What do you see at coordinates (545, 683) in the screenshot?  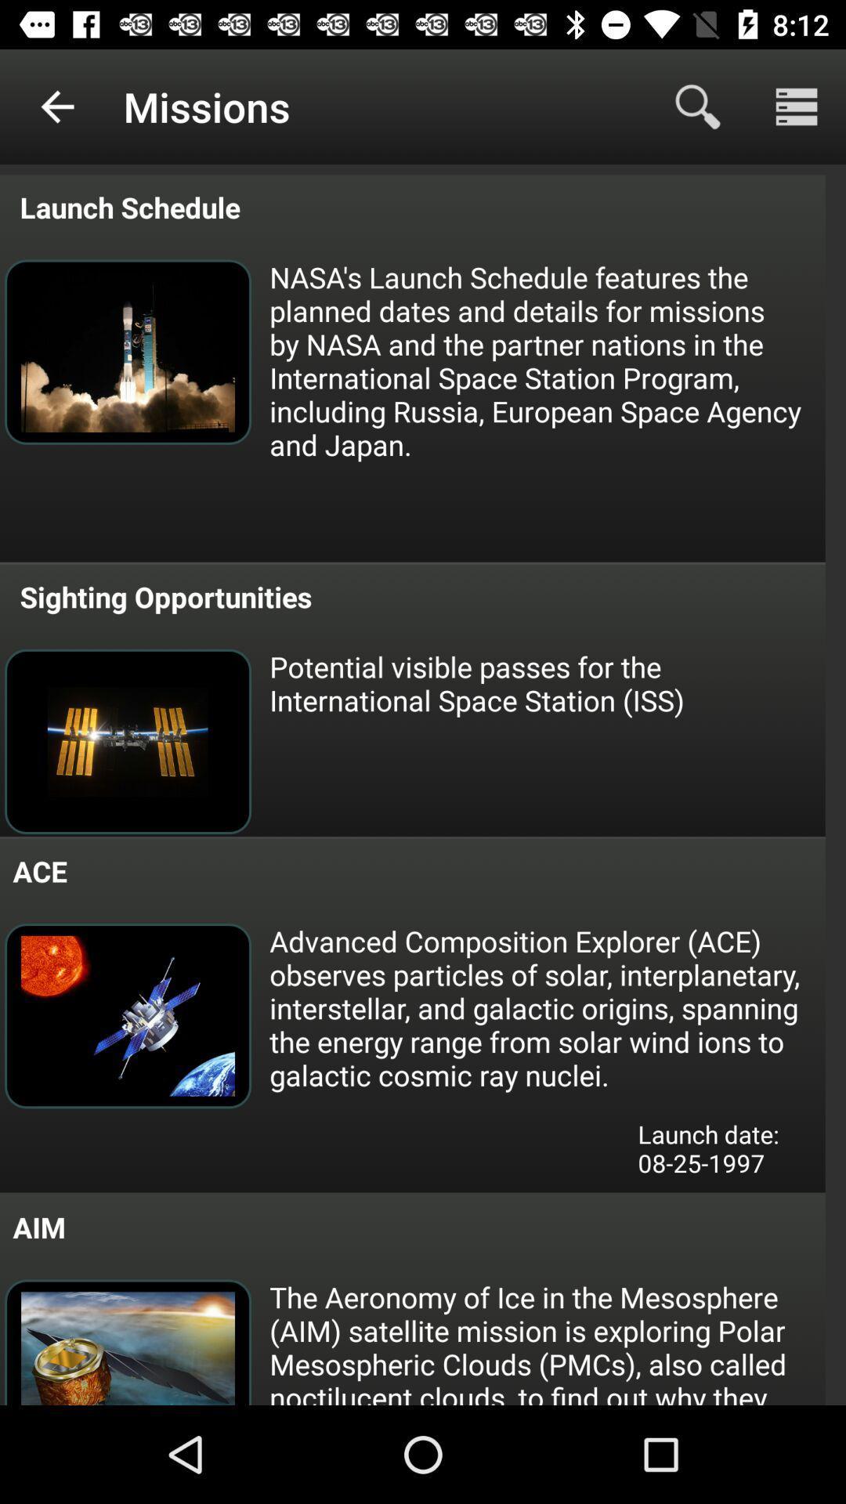 I see `icon below the  sighting opportunities item` at bounding box center [545, 683].